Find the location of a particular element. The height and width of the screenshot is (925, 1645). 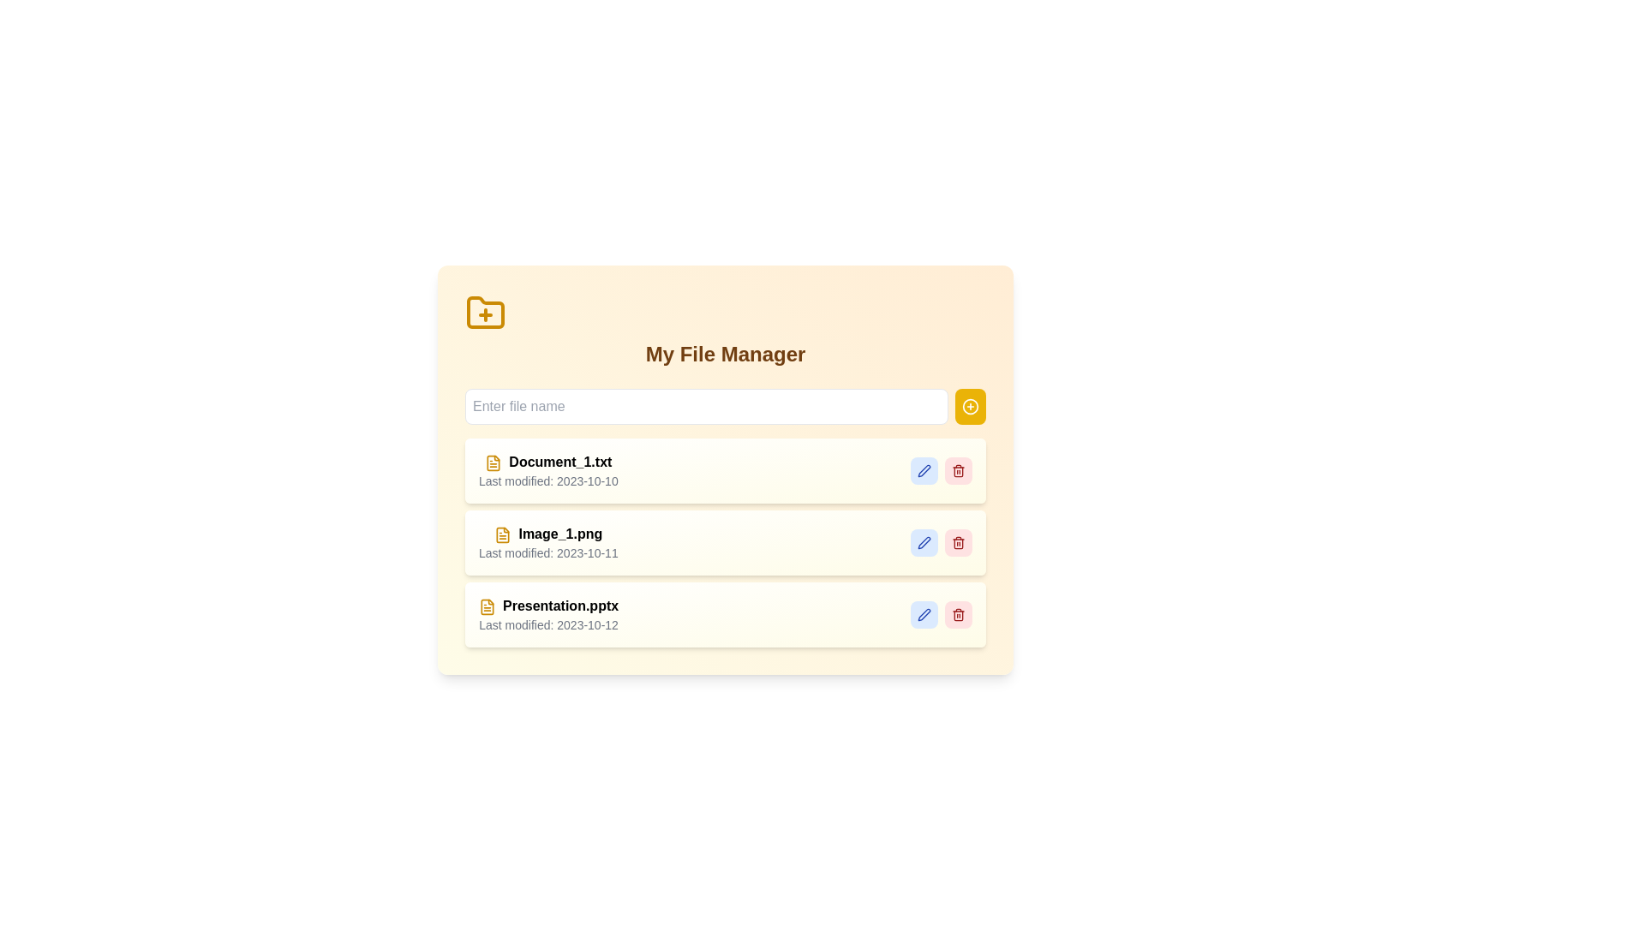

the second list item displaying details for the file 'Image_1.png' is located at coordinates (725, 517).